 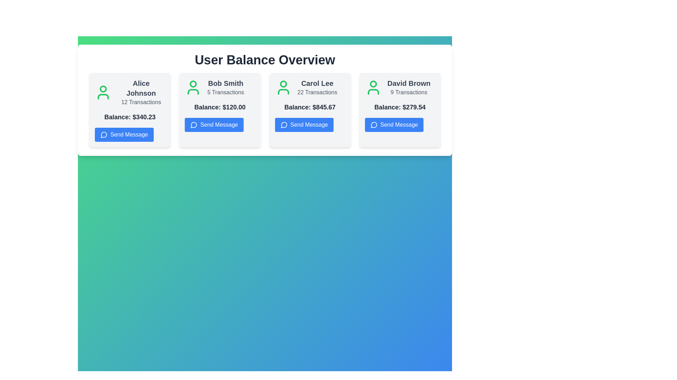 What do you see at coordinates (310, 107) in the screenshot?
I see `the text display element that shows the balance of '$845.67' within the third user information card` at bounding box center [310, 107].